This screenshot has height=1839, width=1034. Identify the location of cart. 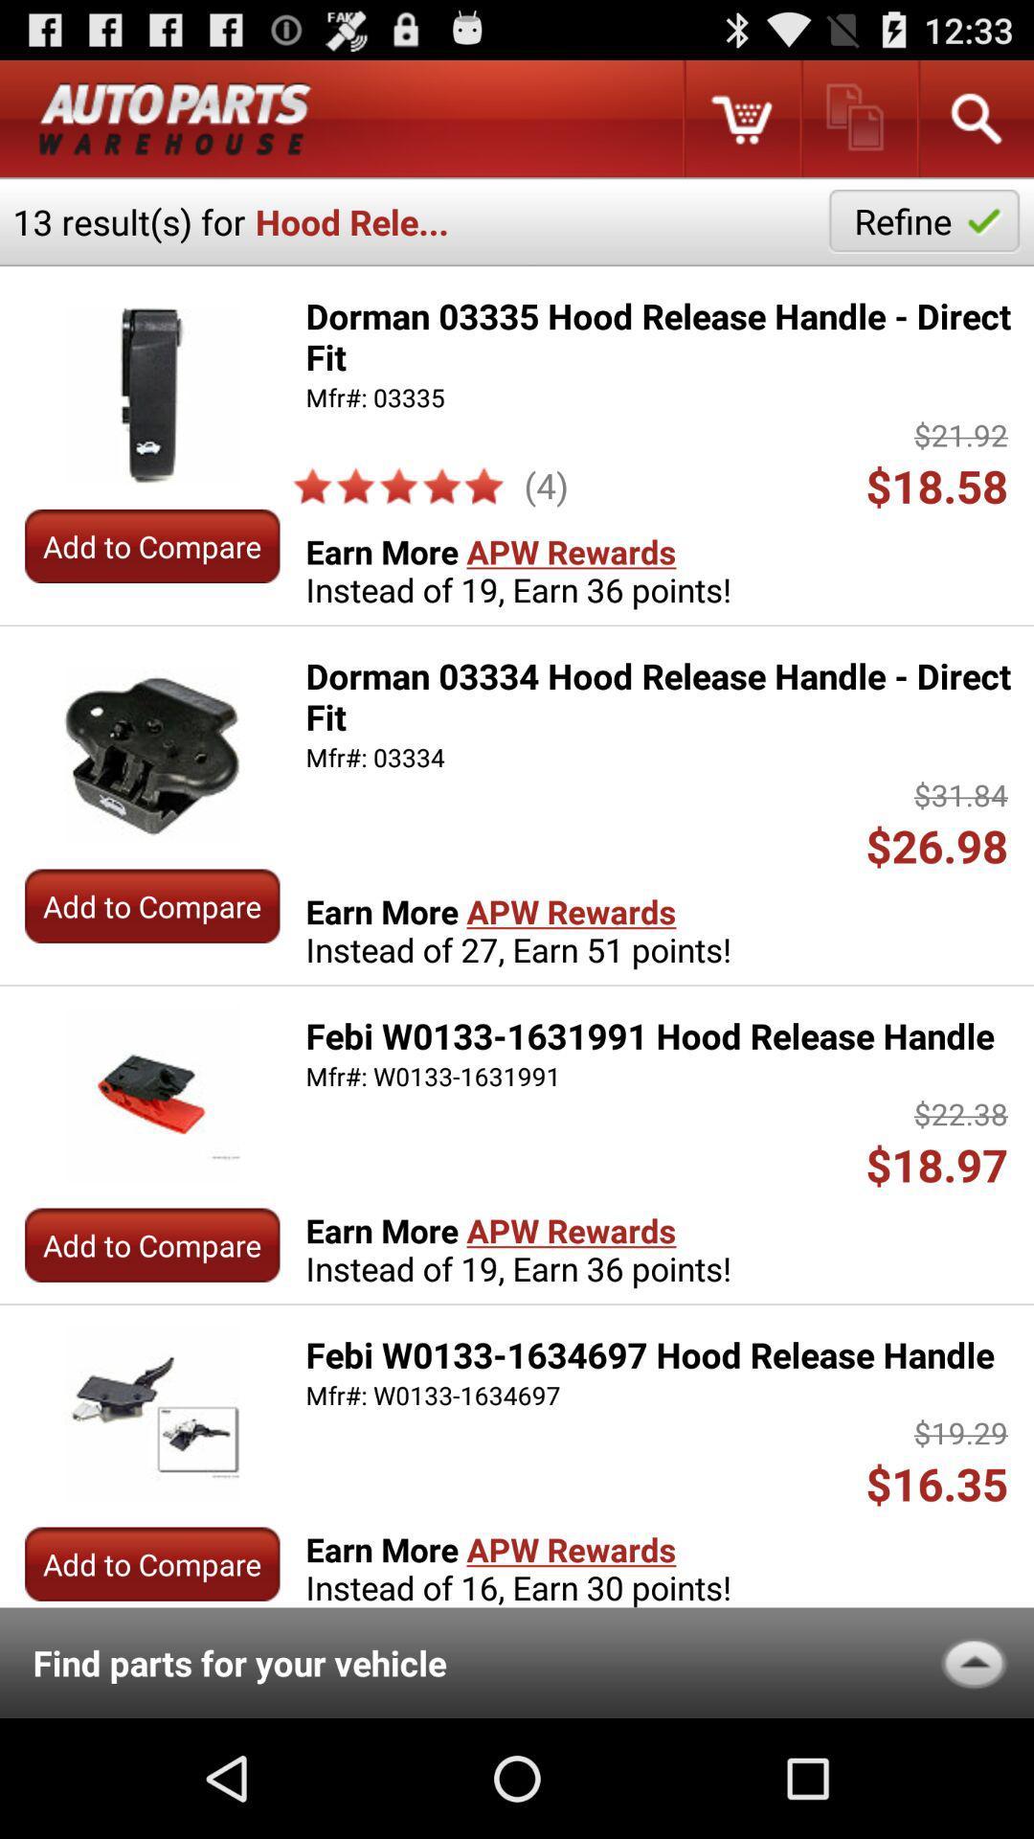
(740, 118).